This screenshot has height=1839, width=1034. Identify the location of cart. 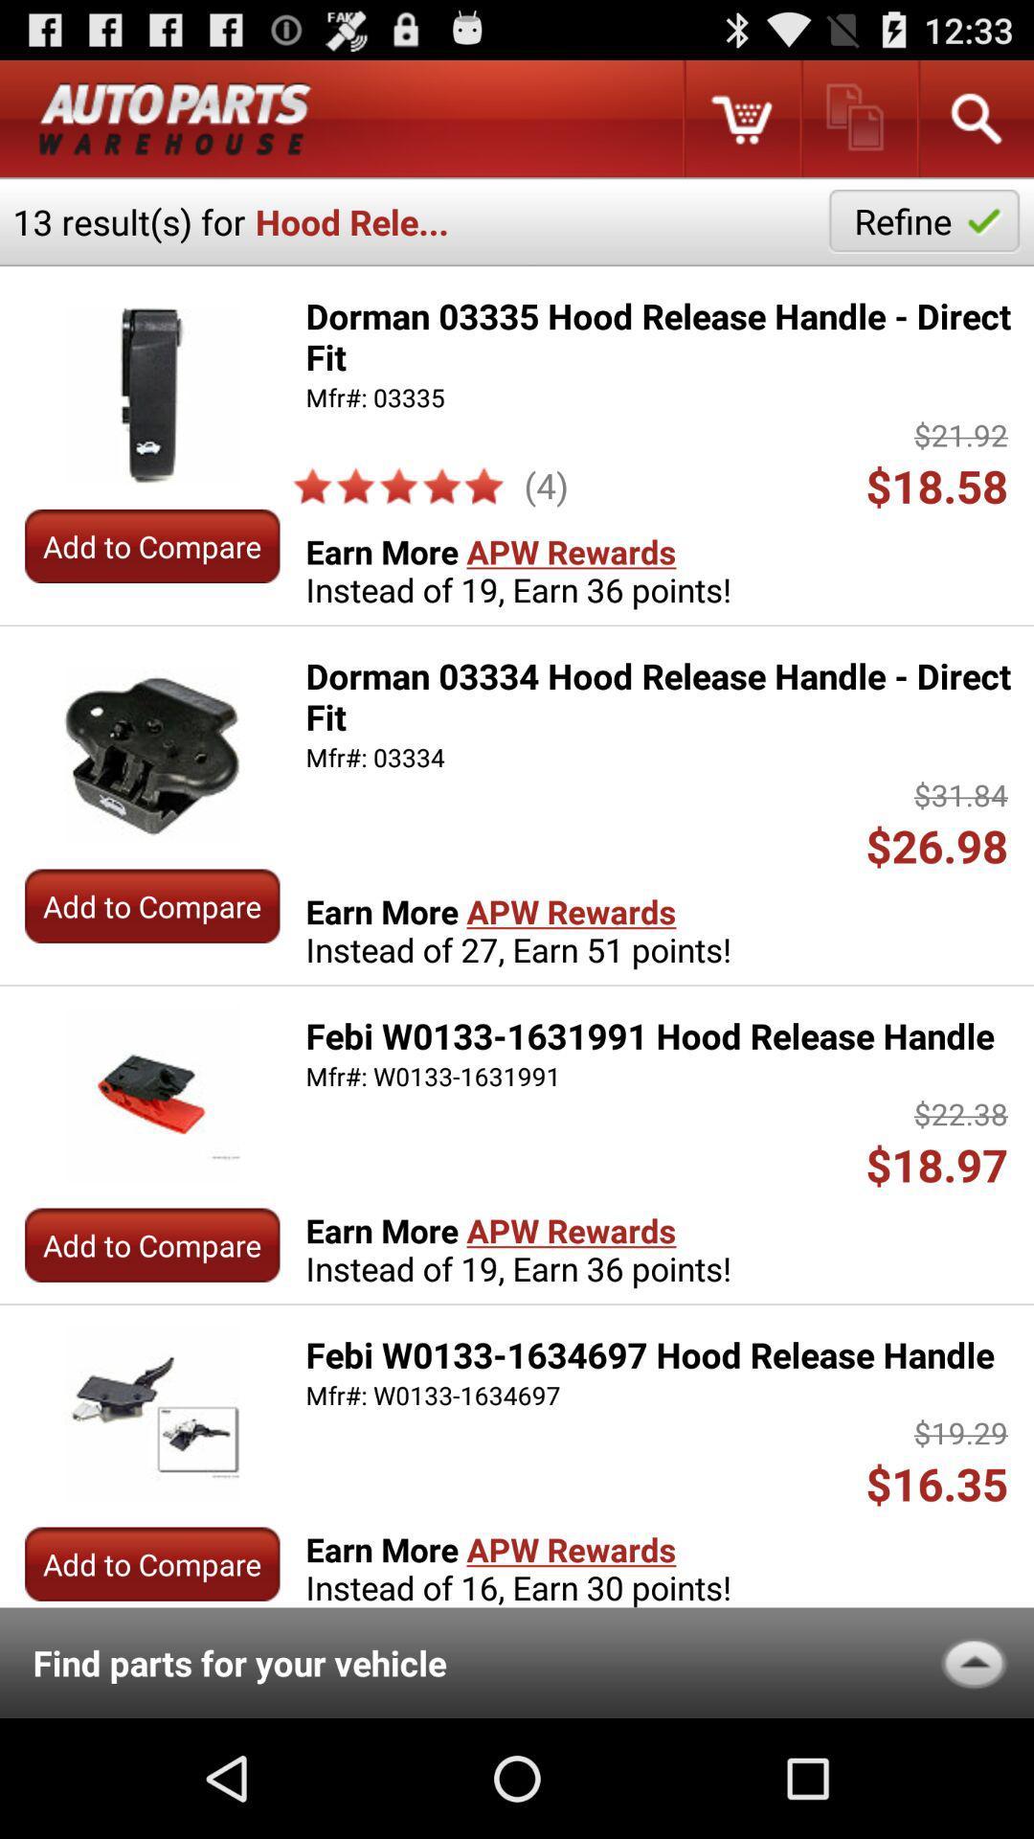
(740, 118).